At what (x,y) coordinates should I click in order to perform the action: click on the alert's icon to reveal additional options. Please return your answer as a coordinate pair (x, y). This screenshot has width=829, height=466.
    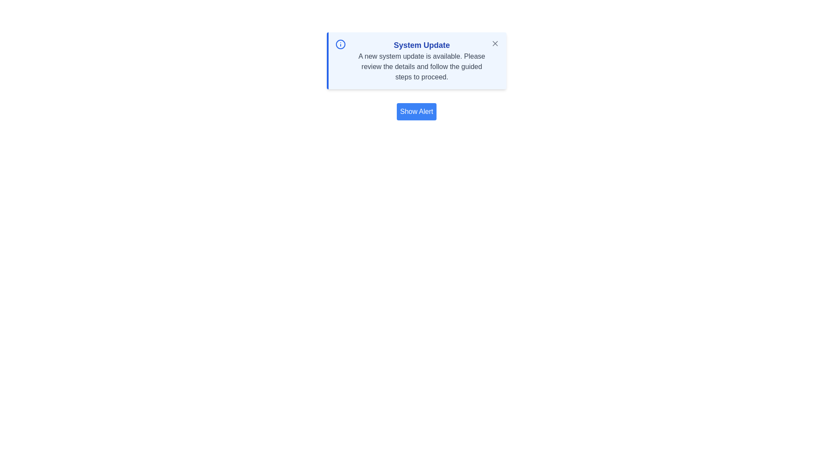
    Looking at the image, I should click on (340, 44).